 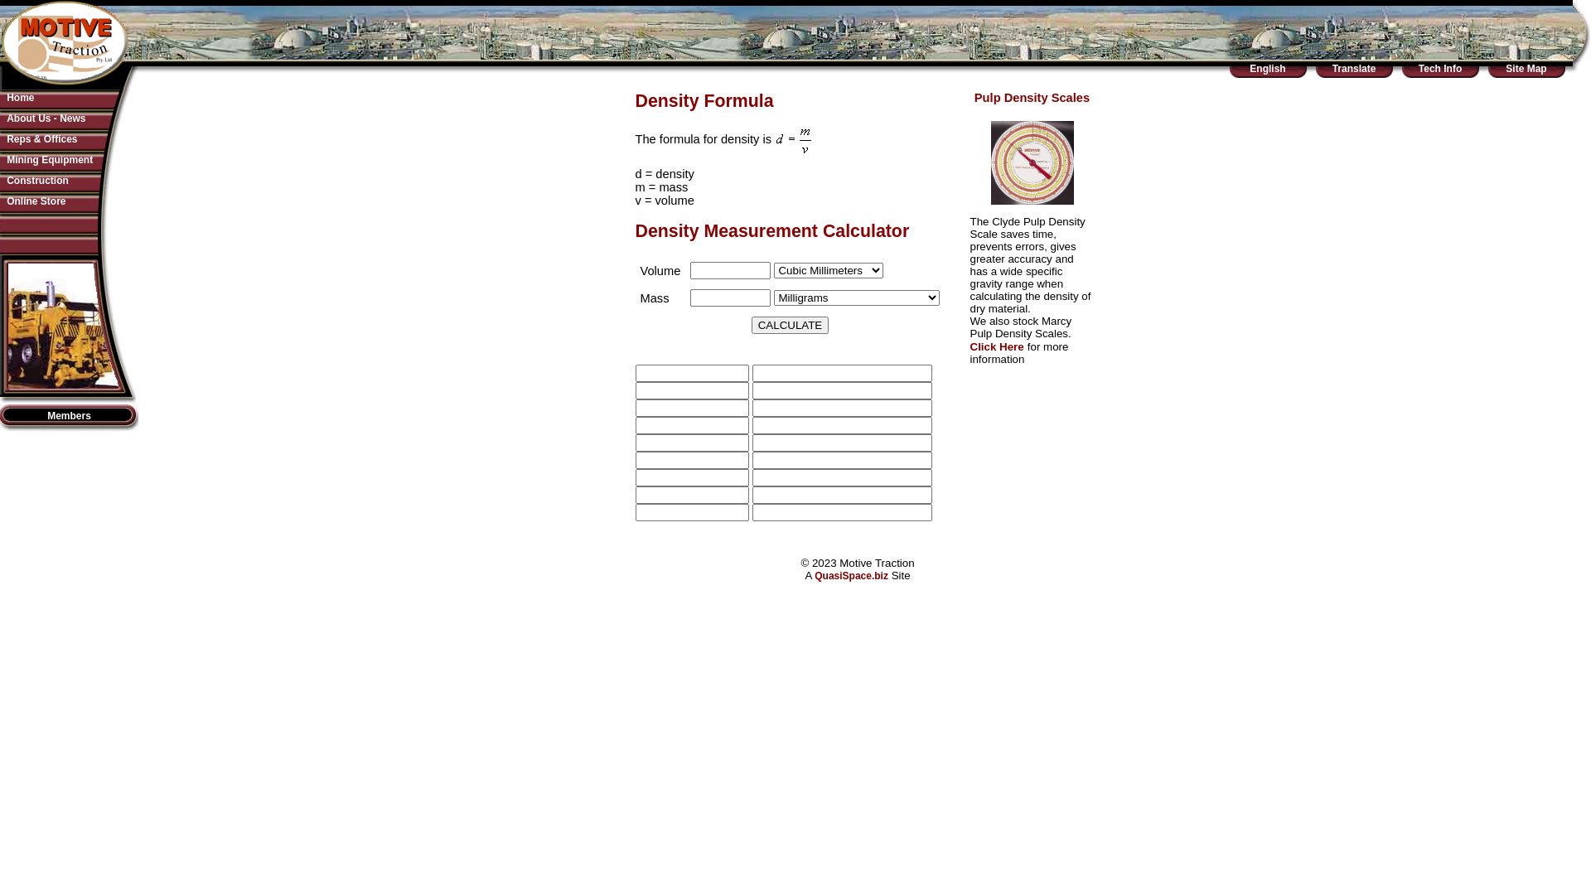 What do you see at coordinates (1418, 68) in the screenshot?
I see `'Tech Info'` at bounding box center [1418, 68].